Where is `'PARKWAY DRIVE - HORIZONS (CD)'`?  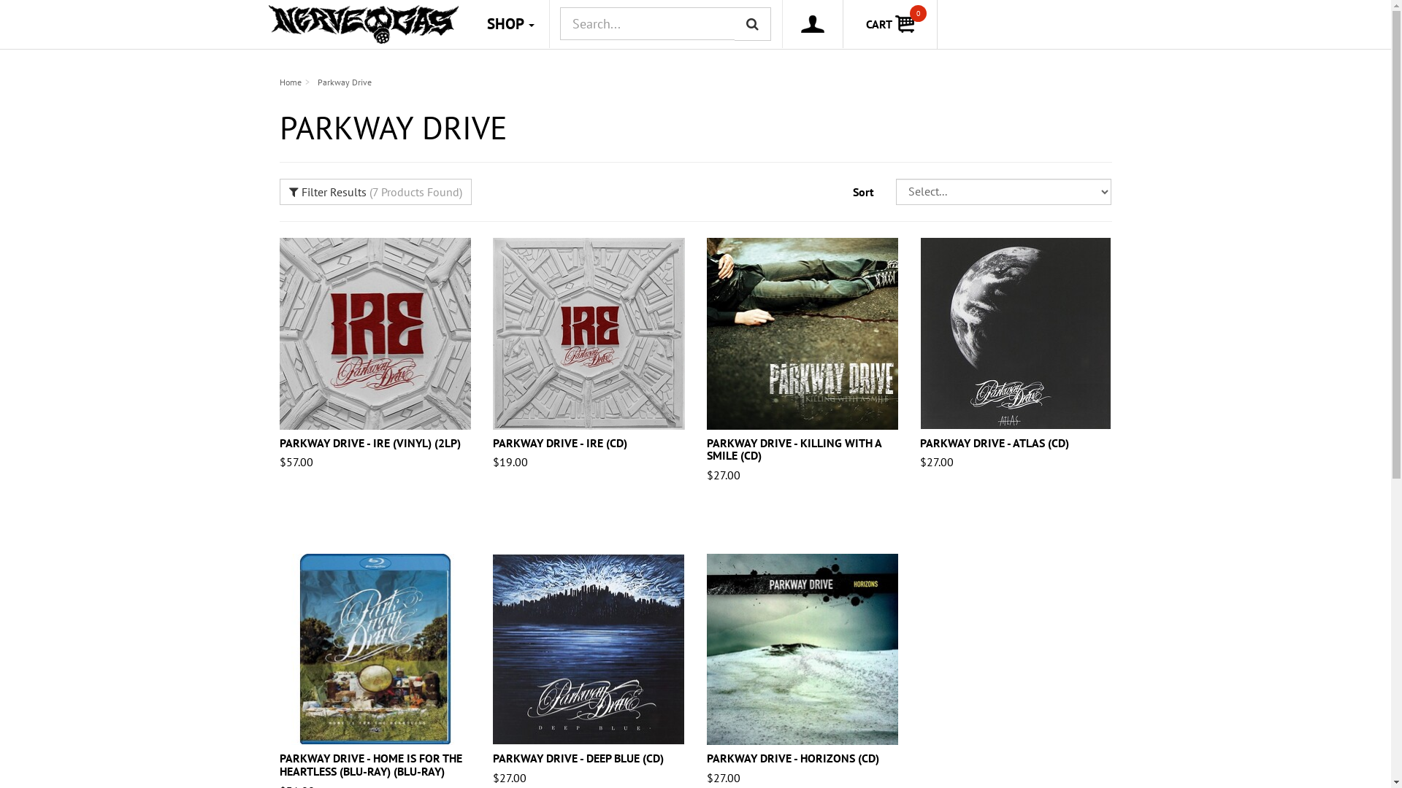 'PARKWAY DRIVE - HORIZONS (CD)' is located at coordinates (707, 757).